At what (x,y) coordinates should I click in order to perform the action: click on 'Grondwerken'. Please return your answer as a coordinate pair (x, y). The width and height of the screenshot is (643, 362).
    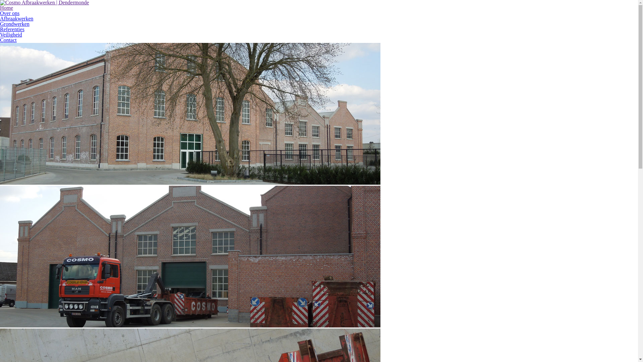
    Looking at the image, I should click on (14, 23).